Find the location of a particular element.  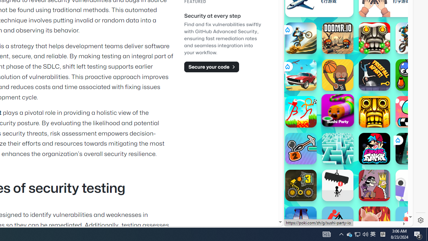

'Temple Run 2: Frozen Festival Temple Run 2: Frozen Festival' is located at coordinates (374, 38).